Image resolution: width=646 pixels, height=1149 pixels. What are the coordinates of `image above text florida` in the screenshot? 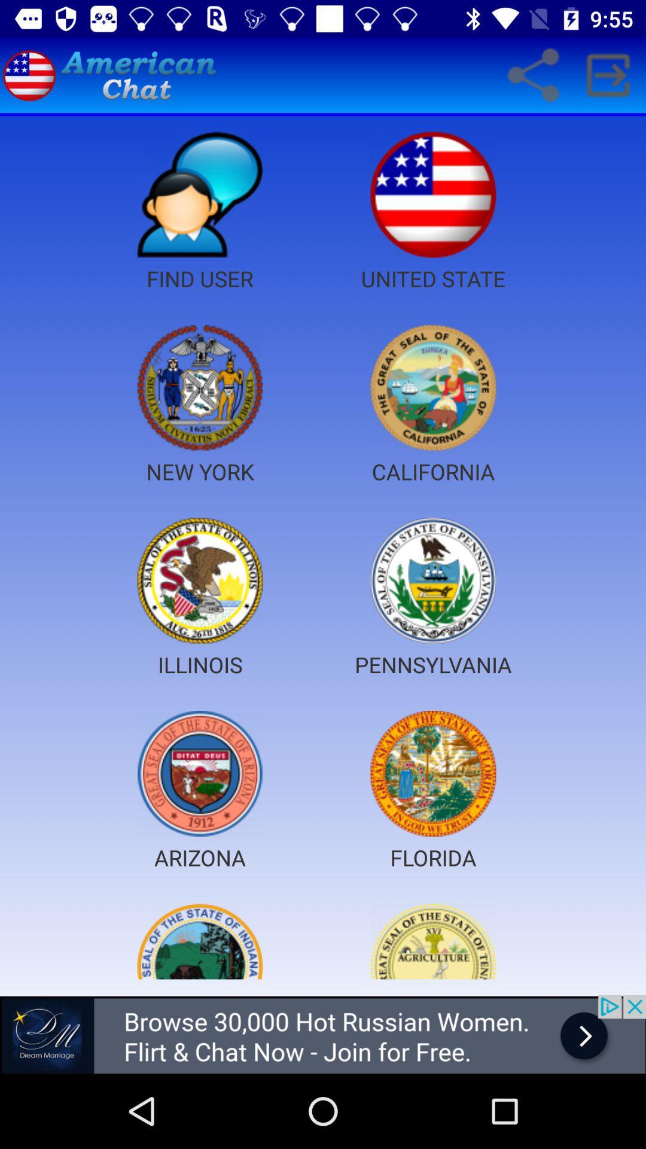 It's located at (433, 773).